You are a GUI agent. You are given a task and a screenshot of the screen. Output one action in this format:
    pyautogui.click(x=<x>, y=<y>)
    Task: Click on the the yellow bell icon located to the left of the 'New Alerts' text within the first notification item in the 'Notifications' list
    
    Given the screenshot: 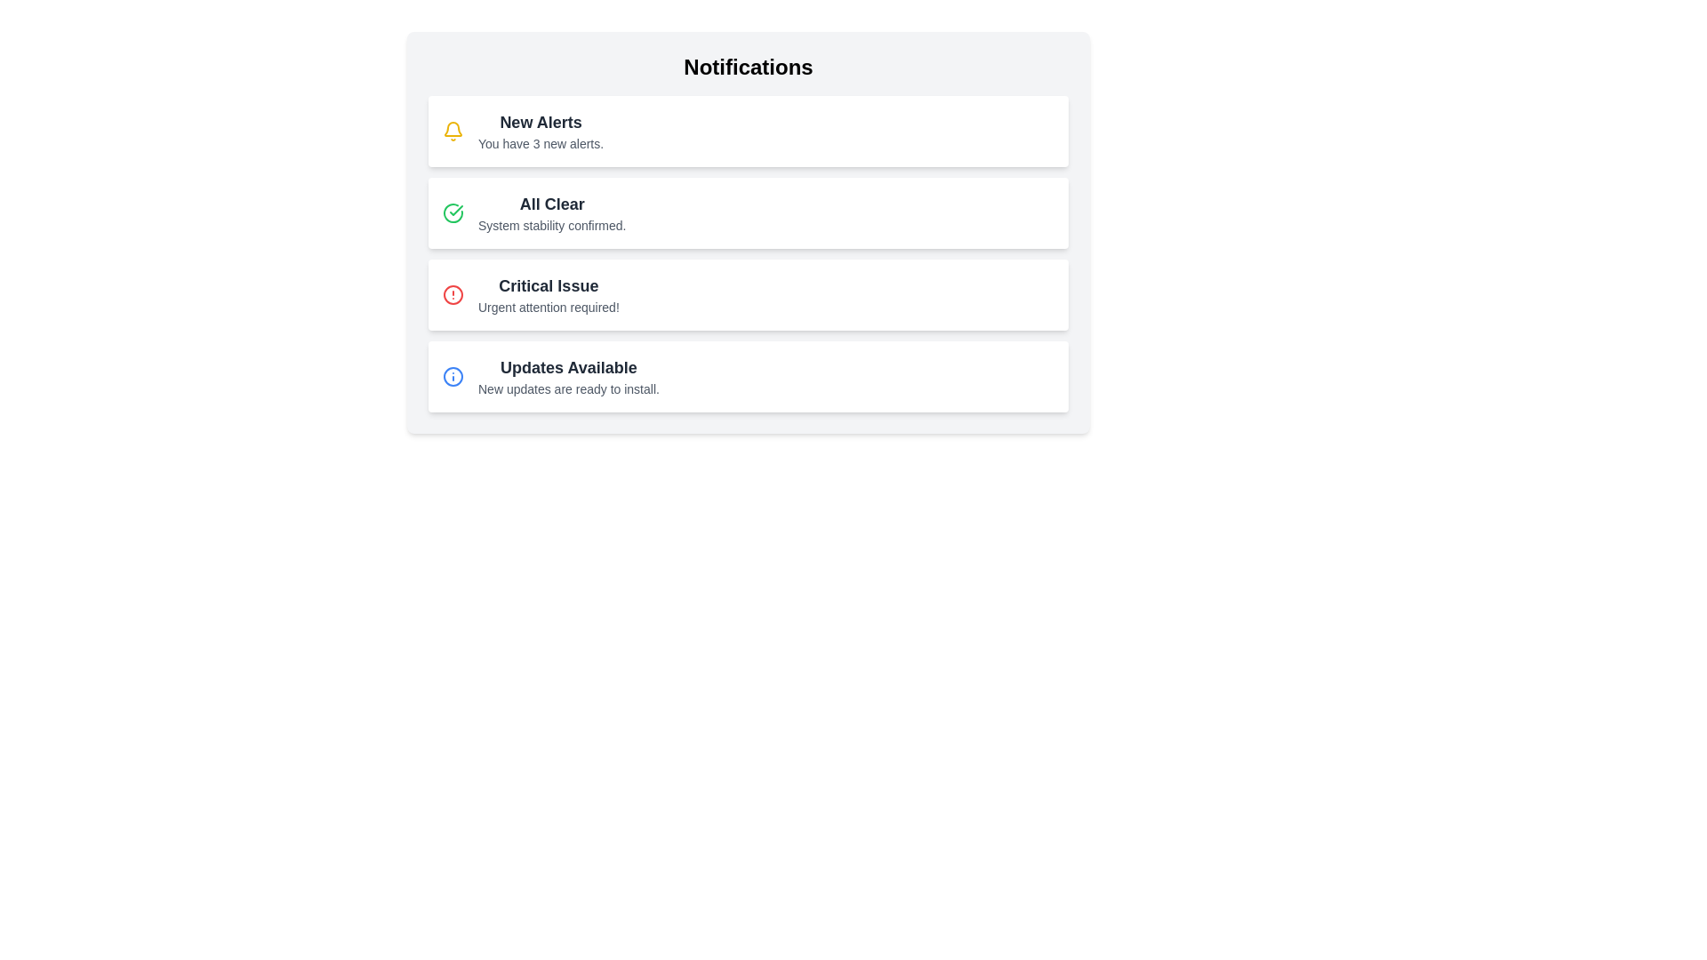 What is the action you would take?
    pyautogui.click(x=453, y=130)
    